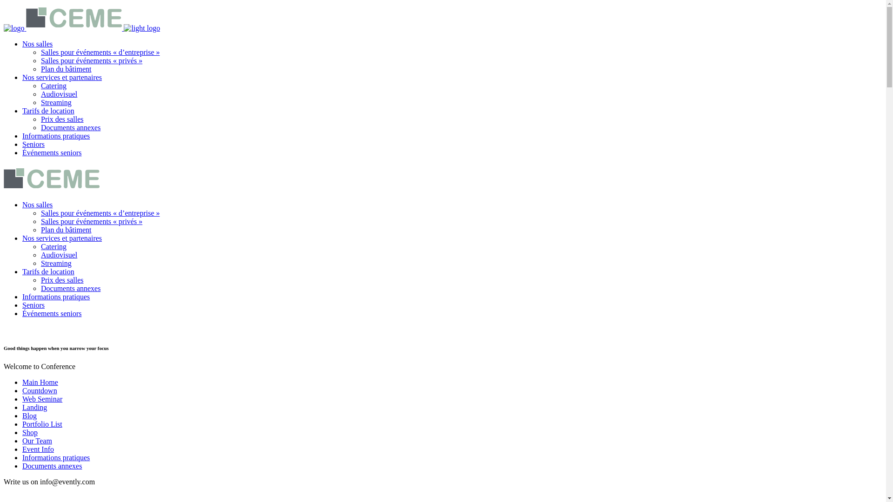 The image size is (893, 502). Describe the element at coordinates (55, 457) in the screenshot. I see `'Informations pratiques'` at that location.